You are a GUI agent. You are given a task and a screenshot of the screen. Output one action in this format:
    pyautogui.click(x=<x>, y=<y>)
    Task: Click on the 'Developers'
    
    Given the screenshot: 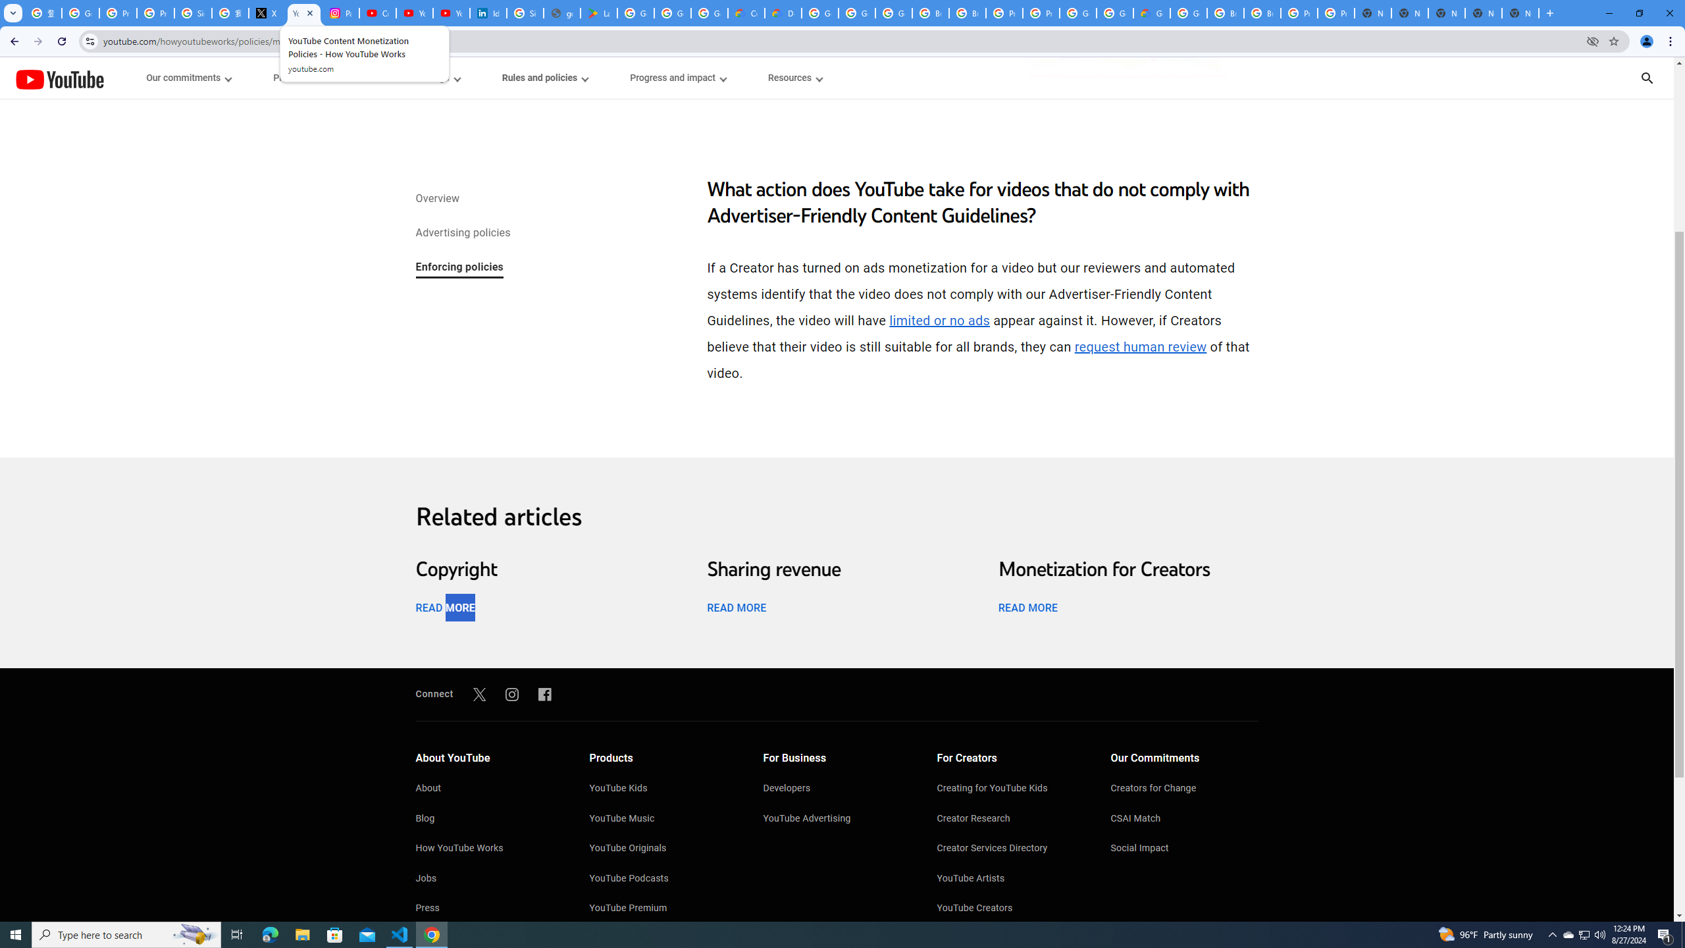 What is the action you would take?
    pyautogui.click(x=837, y=789)
    